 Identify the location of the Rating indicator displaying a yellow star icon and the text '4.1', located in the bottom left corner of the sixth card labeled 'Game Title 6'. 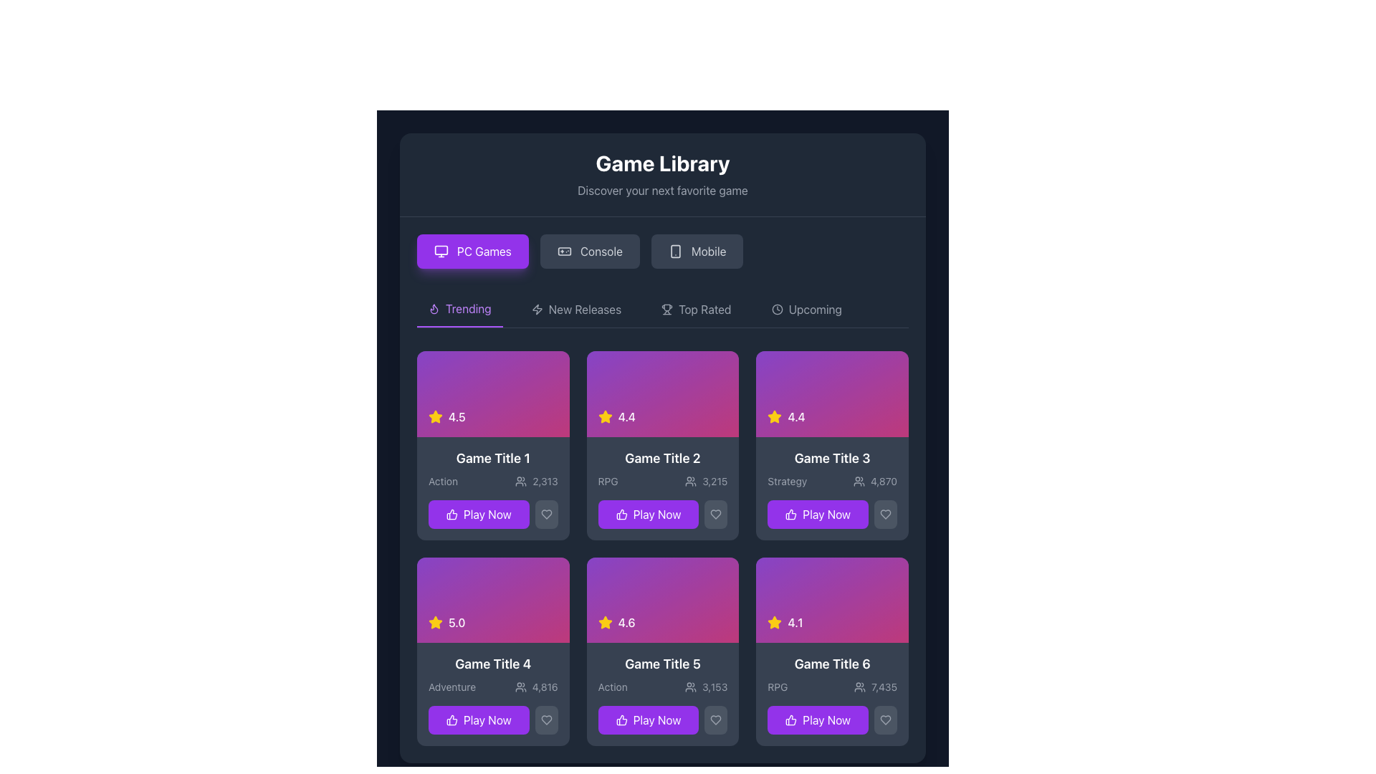
(784, 622).